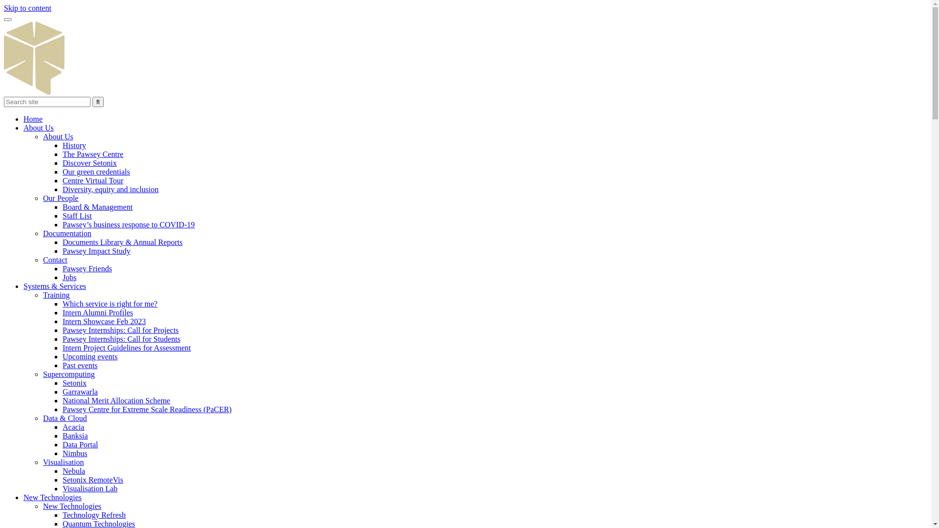 The image size is (939, 528). What do you see at coordinates (87, 268) in the screenshot?
I see `'Pawsey Friends'` at bounding box center [87, 268].